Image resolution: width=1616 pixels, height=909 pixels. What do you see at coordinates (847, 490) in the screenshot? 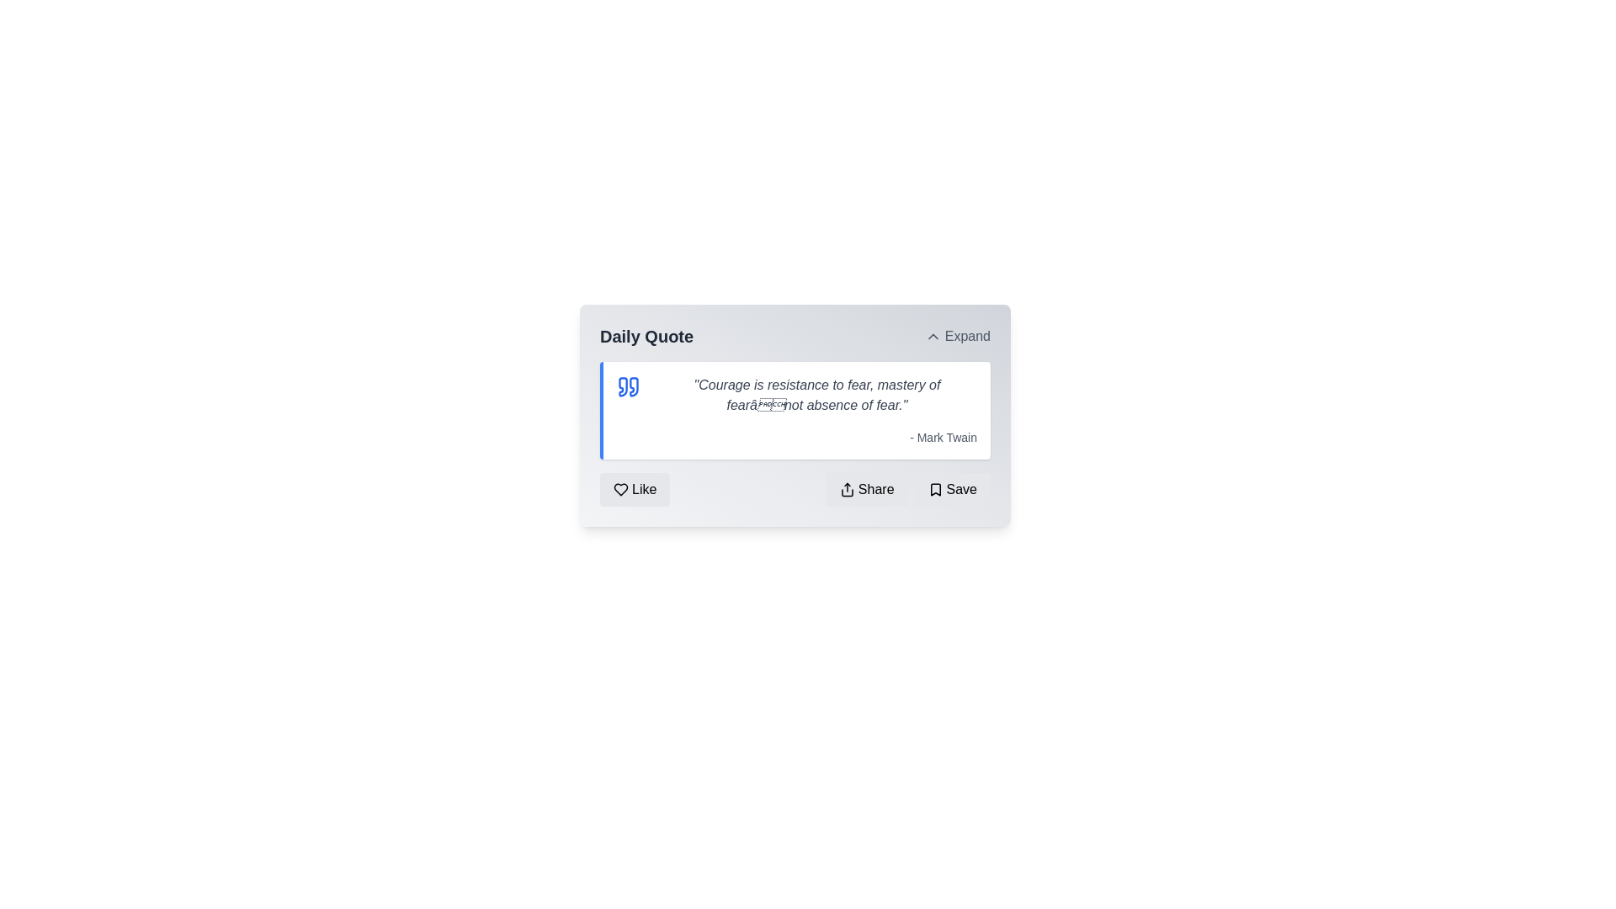
I see `the sharing icon inside the 'Share' button at the bottom center of the card layout containing the 'Daily Quote'` at bounding box center [847, 490].